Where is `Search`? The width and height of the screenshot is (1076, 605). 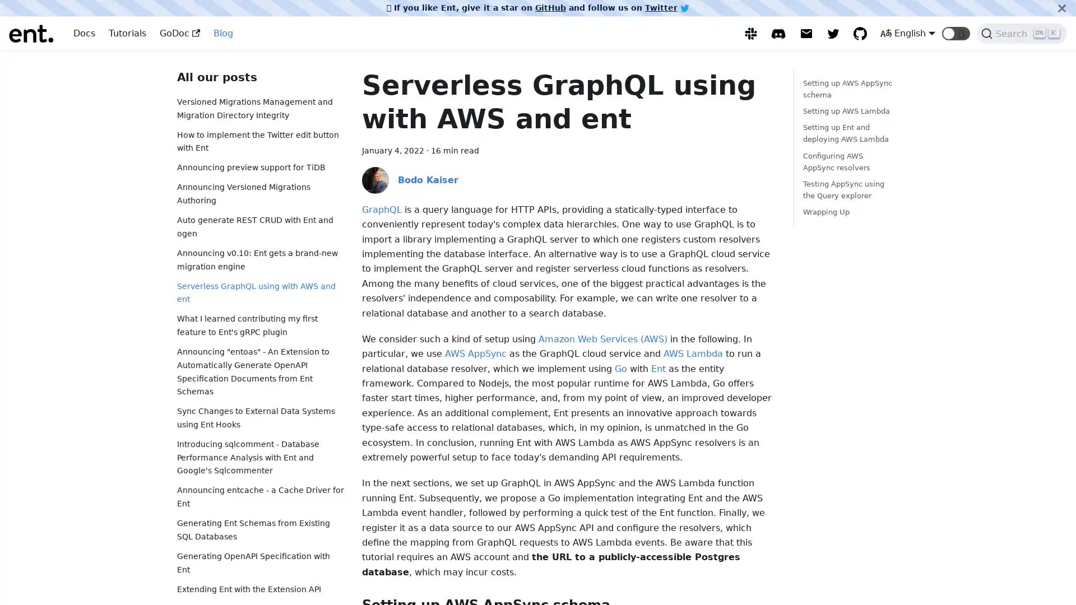 Search is located at coordinates (1022, 33).